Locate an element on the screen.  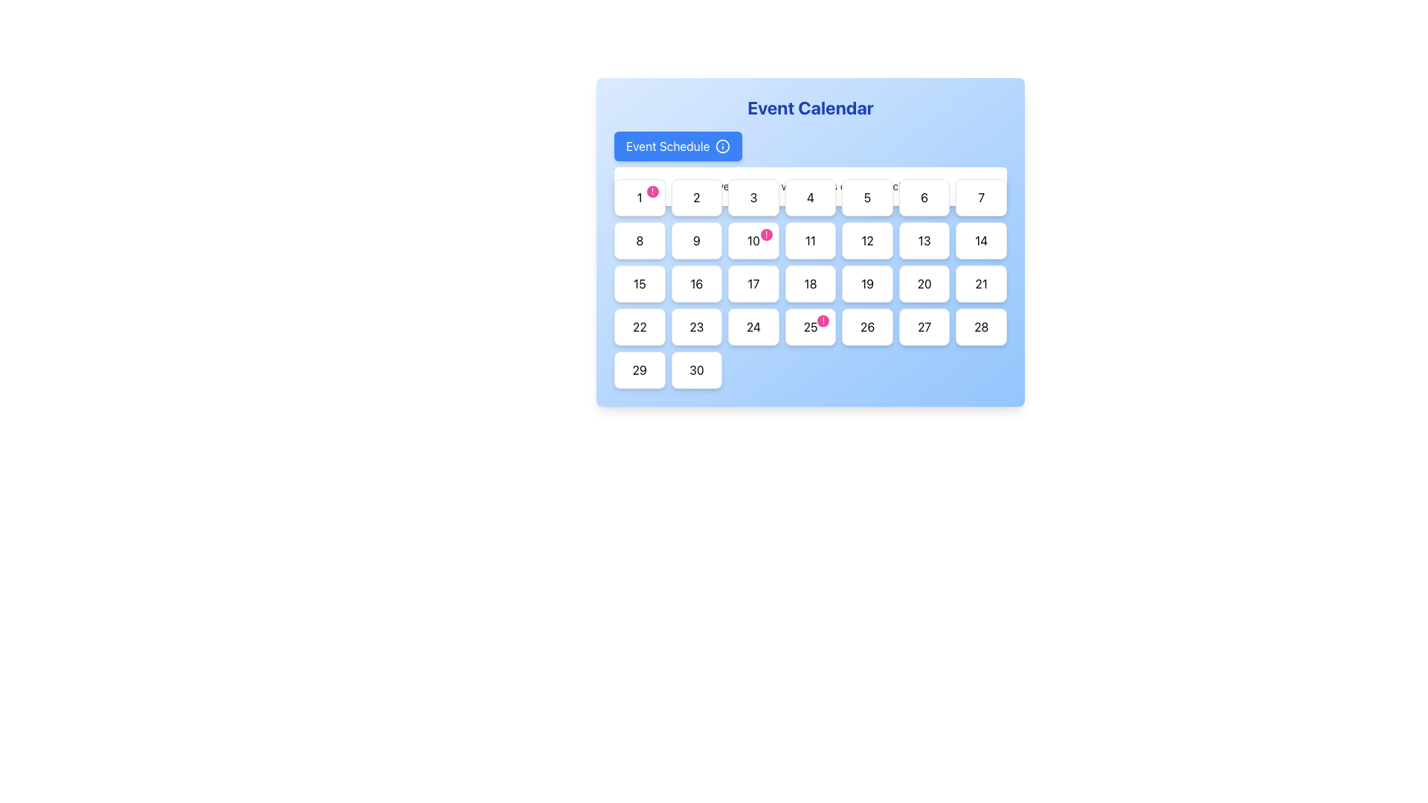
the button displaying the number '5' with a white background and black text is located at coordinates (867, 197).